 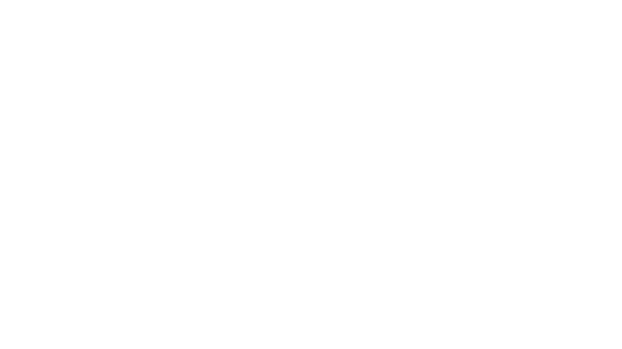 I want to click on Summary, so click(x=235, y=20).